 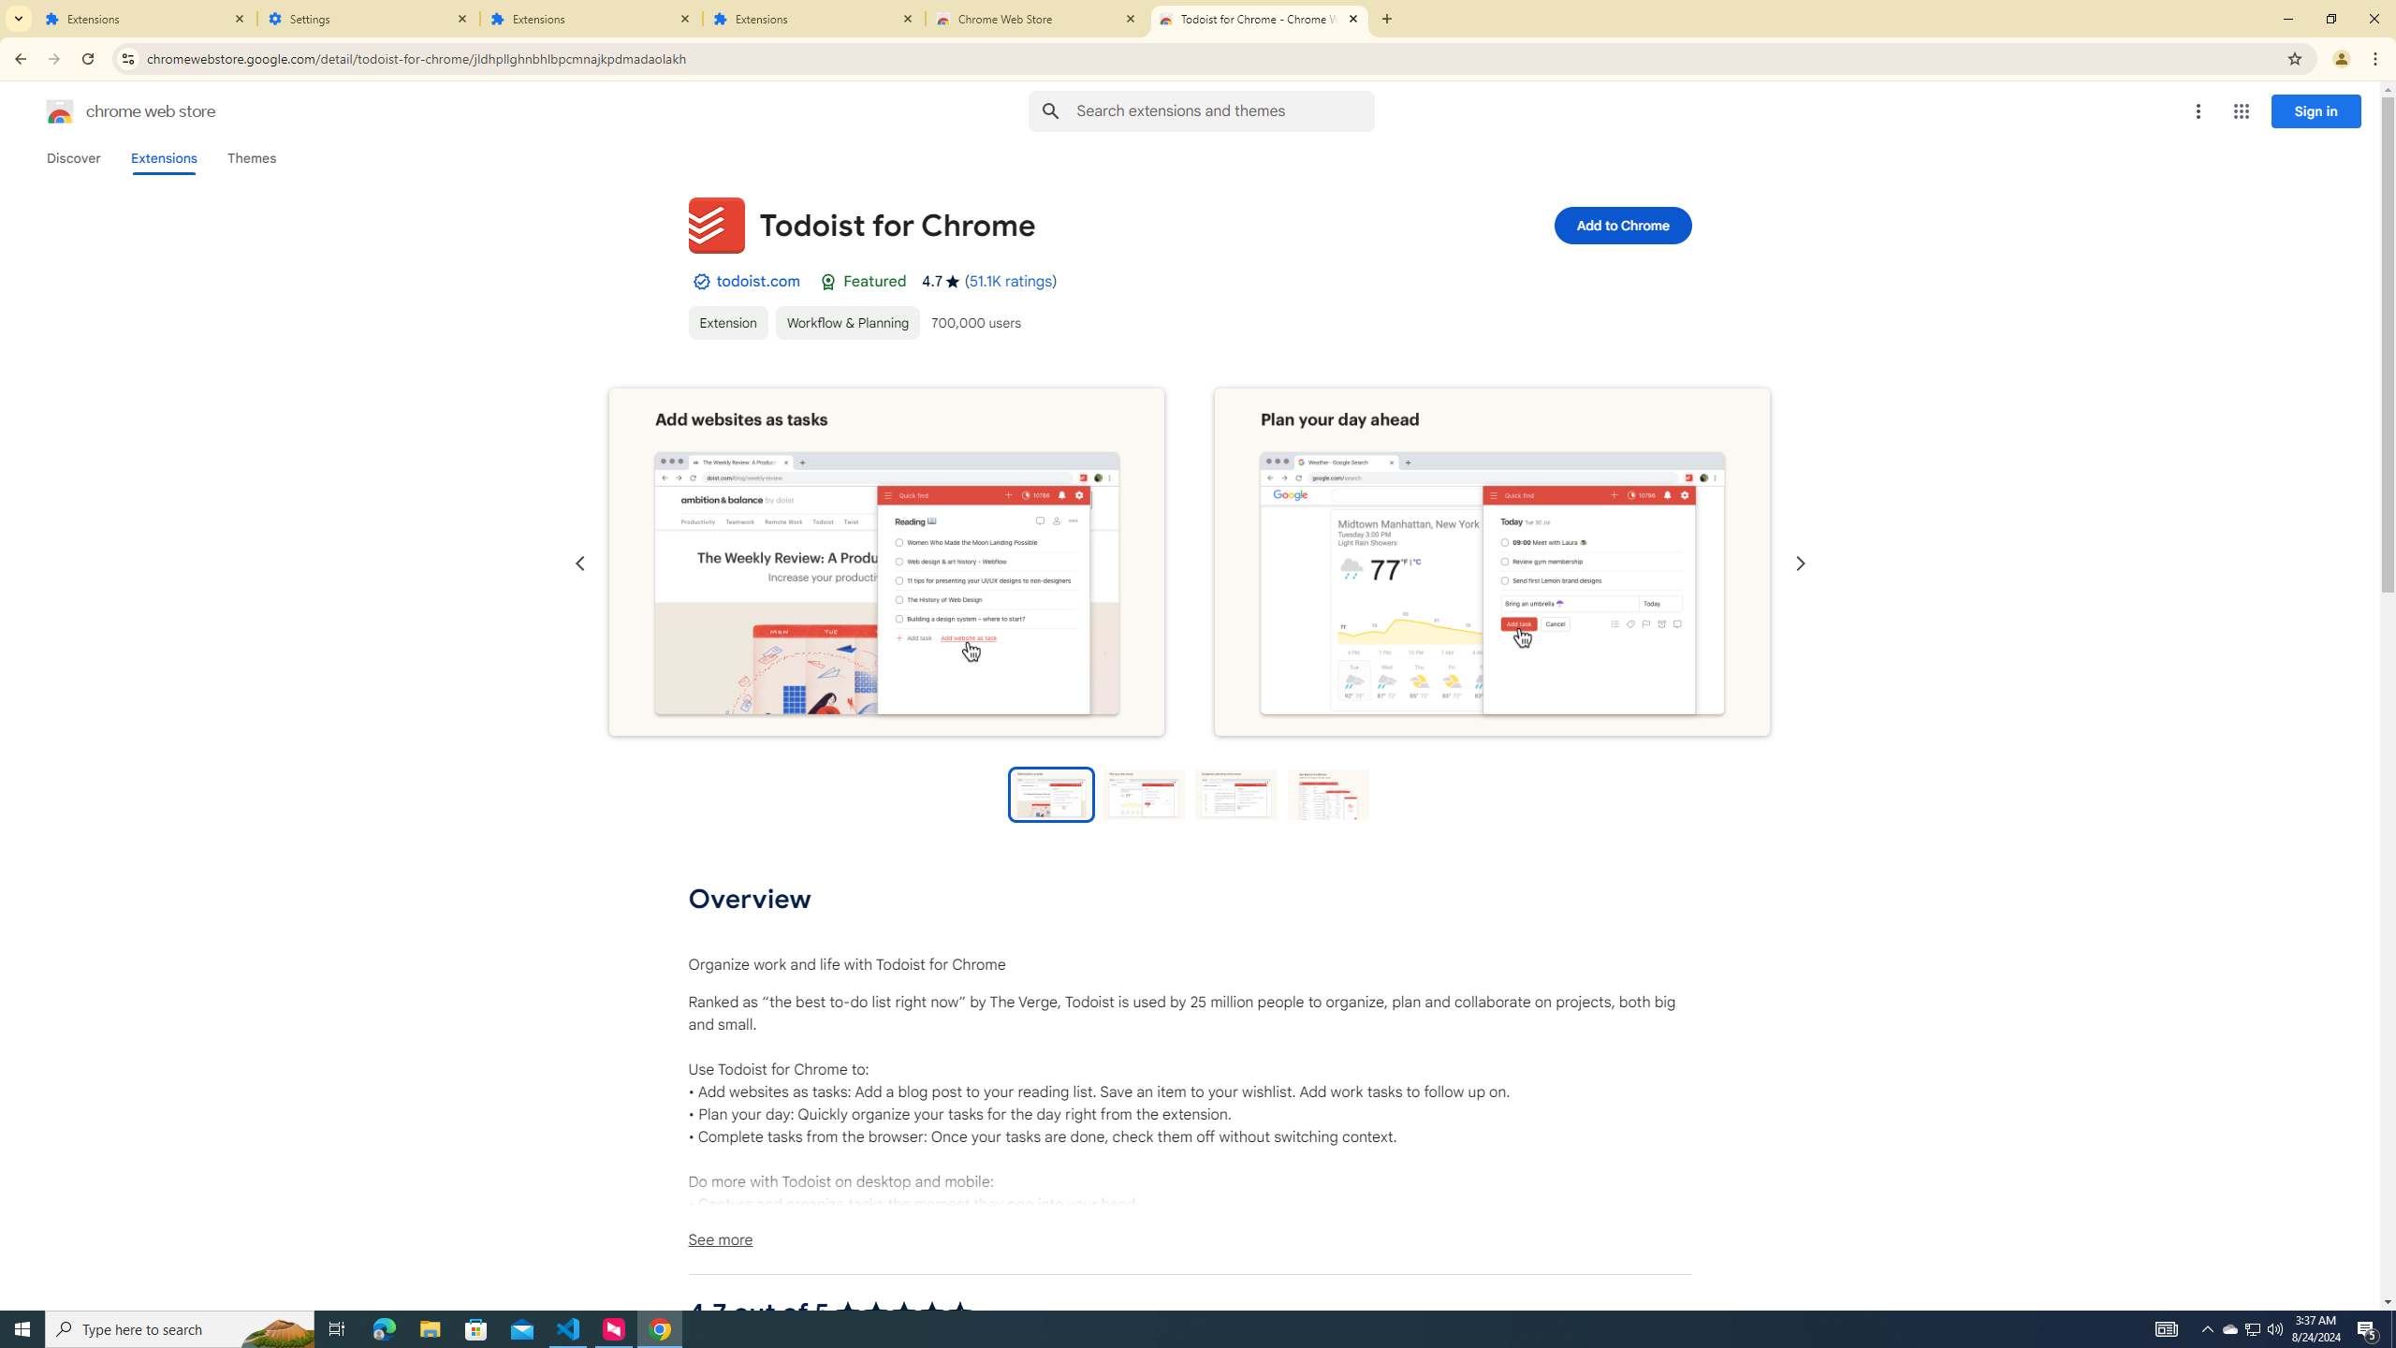 I want to click on 'Chrome Web Store logo chrome web store', so click(x=110, y=110).